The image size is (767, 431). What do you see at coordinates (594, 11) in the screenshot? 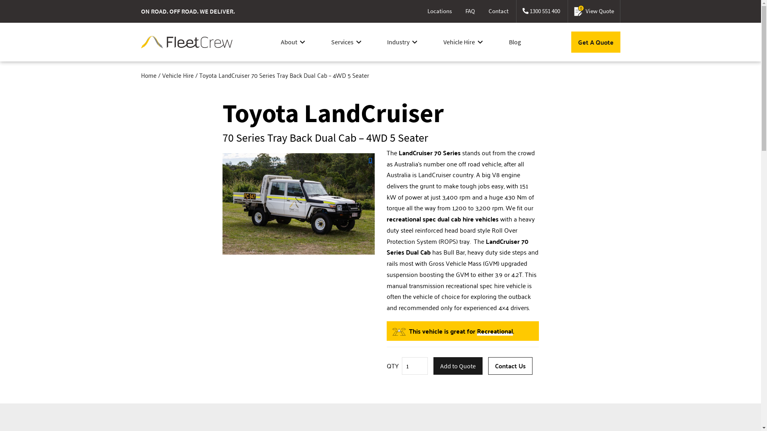
I see `'0` at bounding box center [594, 11].